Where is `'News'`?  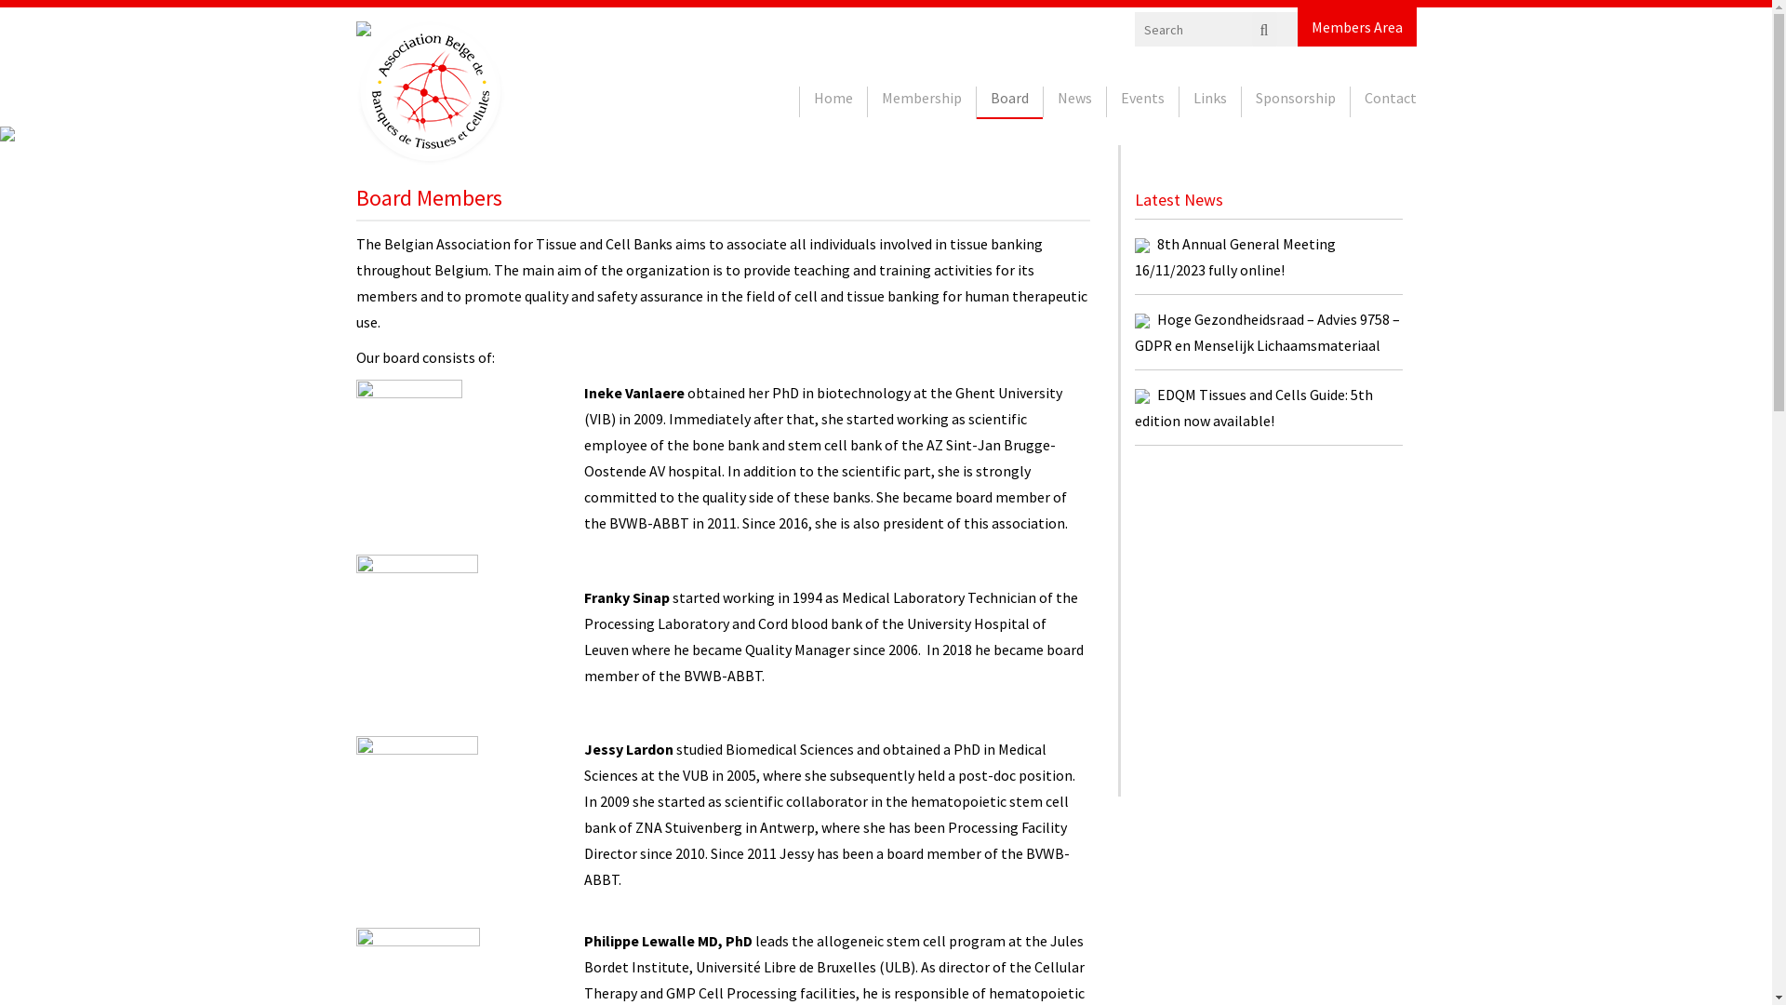
'News' is located at coordinates (1074, 101).